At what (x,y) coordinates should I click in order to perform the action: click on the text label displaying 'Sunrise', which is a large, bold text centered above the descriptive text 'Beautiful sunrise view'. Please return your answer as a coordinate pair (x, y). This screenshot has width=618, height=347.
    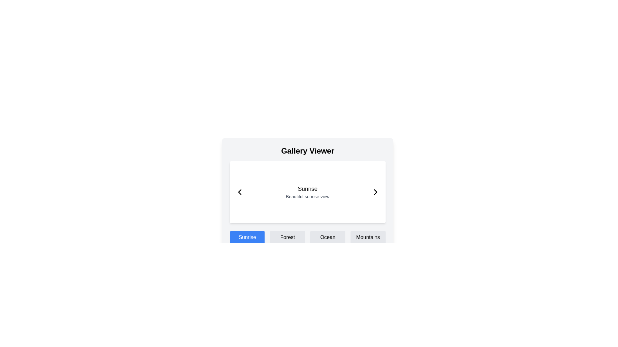
    Looking at the image, I should click on (307, 188).